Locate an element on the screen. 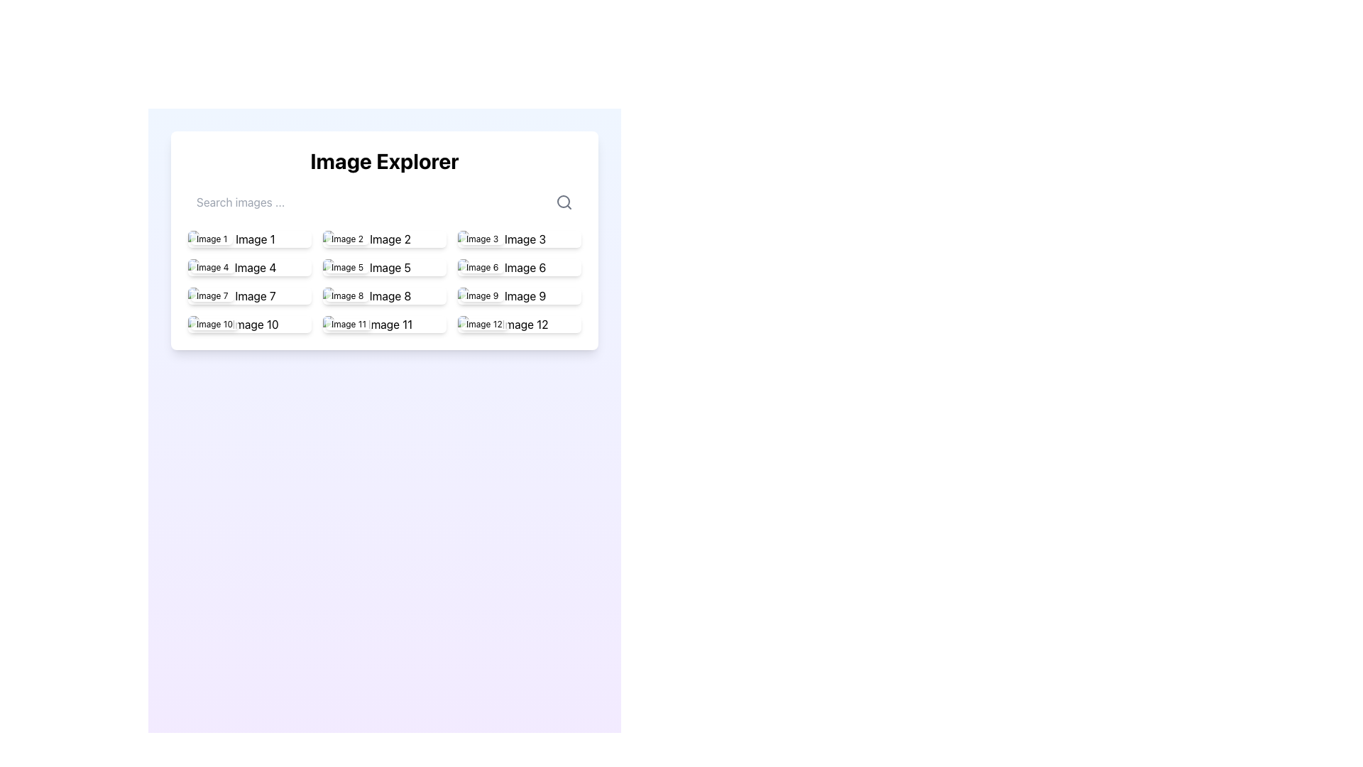 The image size is (1363, 767). the thumbnail representing 'Image 5' is located at coordinates (385, 268).